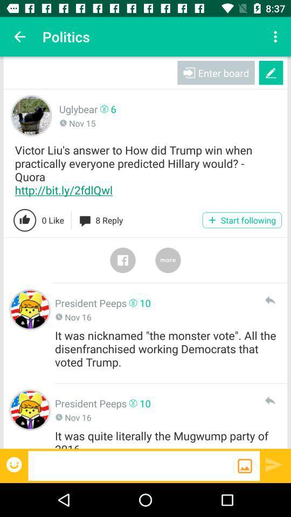 The height and width of the screenshot is (517, 291). Describe the element at coordinates (269, 400) in the screenshot. I see `allows the user to reply to the comment` at that location.